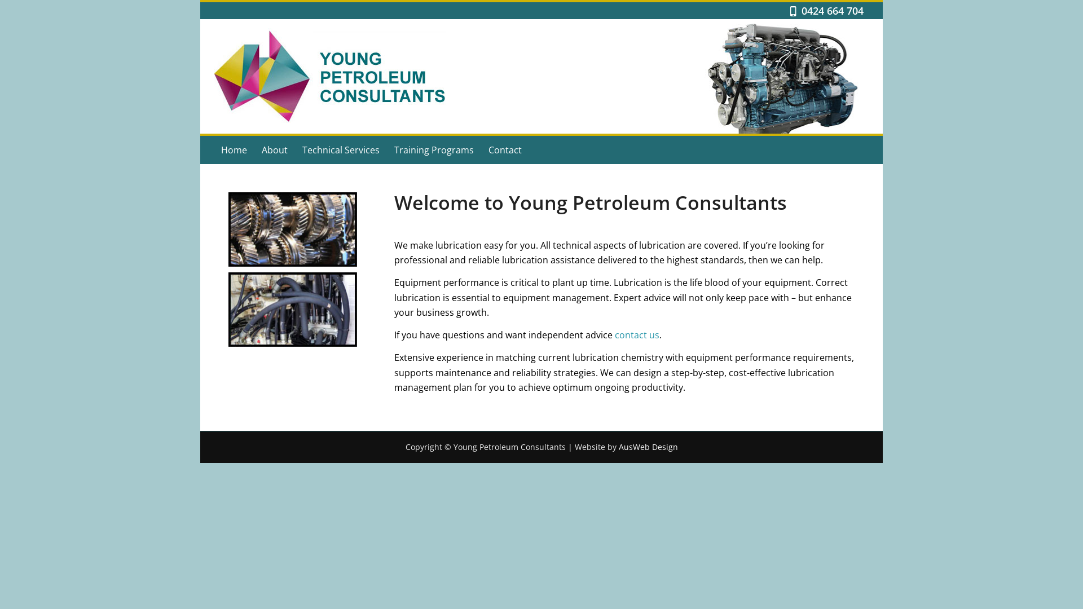 Image resolution: width=1083 pixels, height=609 pixels. I want to click on 'ypc', so click(329, 76).